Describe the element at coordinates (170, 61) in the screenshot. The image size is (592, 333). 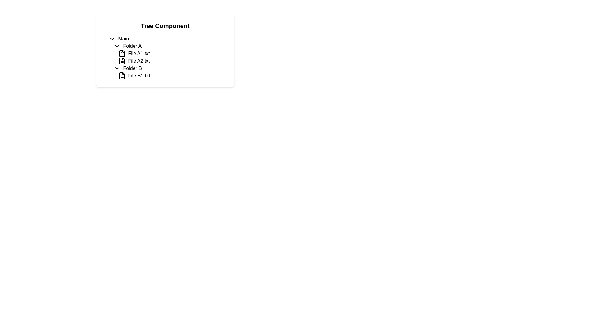
I see `to select the file entry labeled 'File A2.txt' located under 'Folder A' as the second item in the list` at that location.